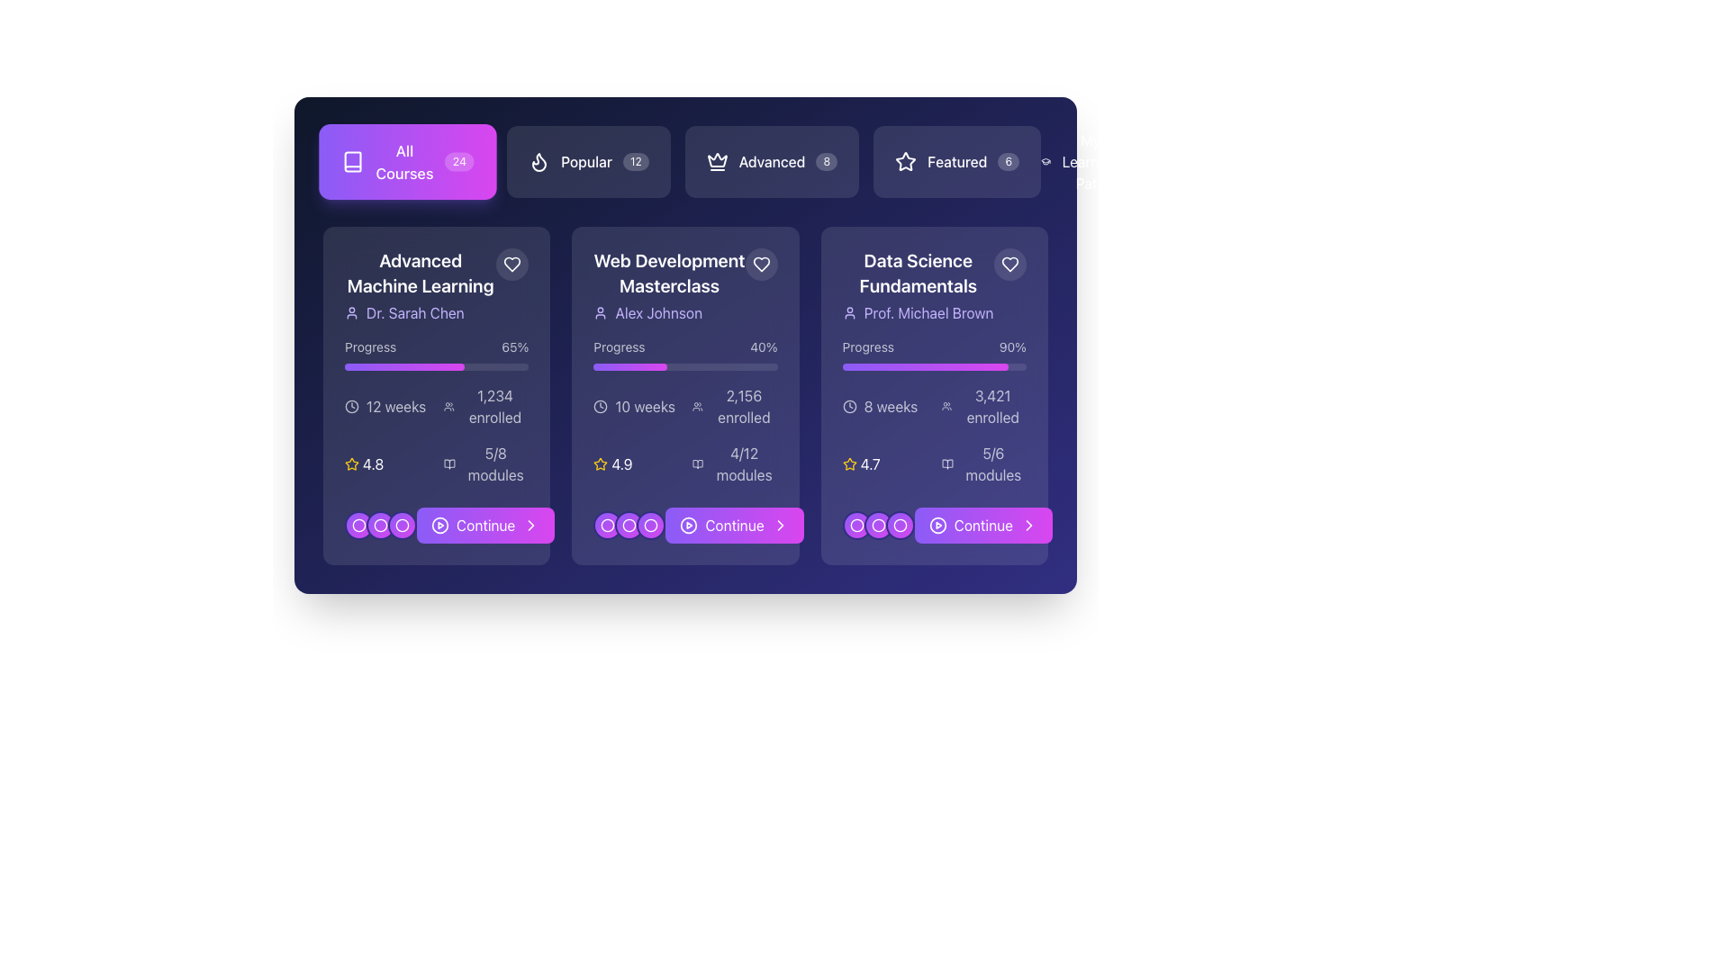  I want to click on the second circular pagination indicator located at the bottom of the 'Data Science Fundamentals' card, so click(878, 525).